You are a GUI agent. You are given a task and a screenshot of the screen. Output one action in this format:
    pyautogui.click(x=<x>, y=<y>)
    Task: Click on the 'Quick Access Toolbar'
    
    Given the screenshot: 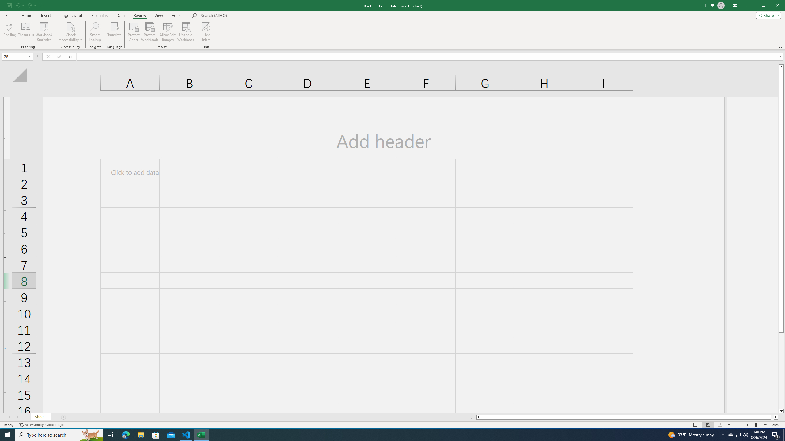 What is the action you would take?
    pyautogui.click(x=25, y=6)
    